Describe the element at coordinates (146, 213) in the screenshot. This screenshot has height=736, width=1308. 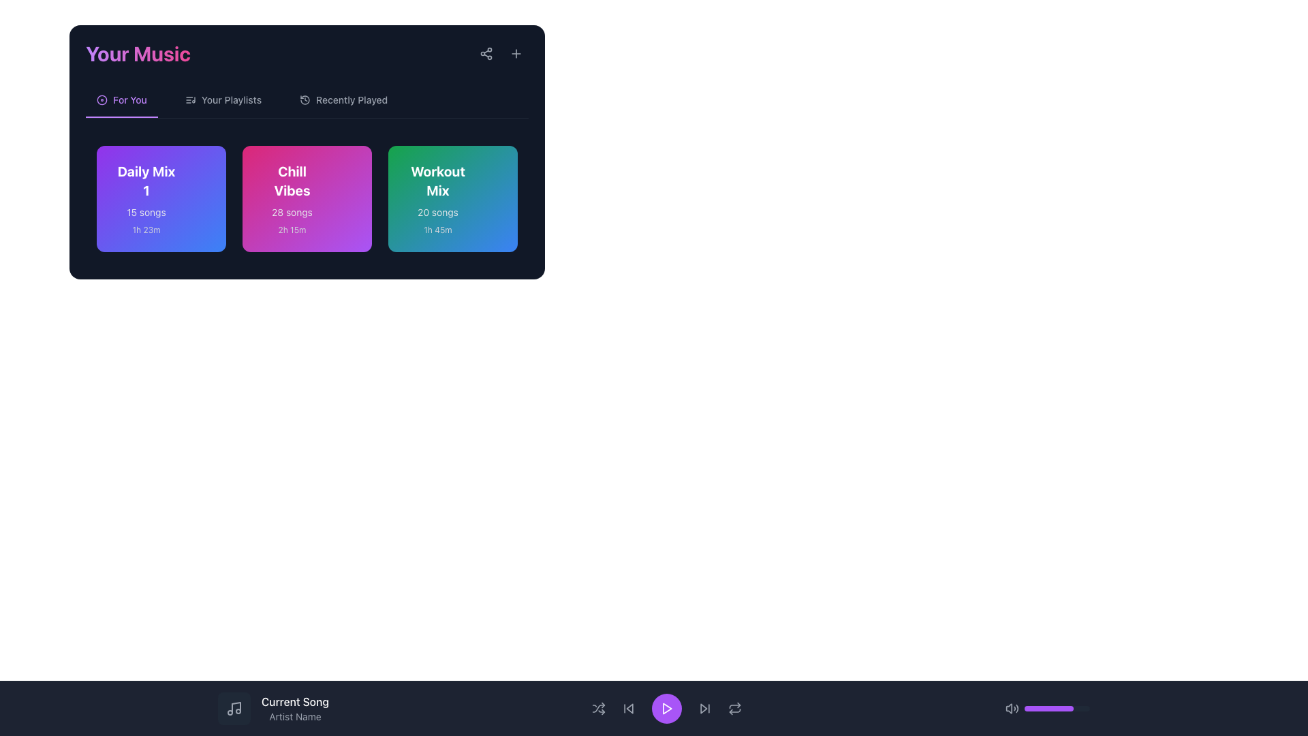
I see `the static text label displaying '15 songs', which is located underneath 'Daily Mix 1' and above '1h 23m' within the playlist box in the 'Your Music' section` at that location.